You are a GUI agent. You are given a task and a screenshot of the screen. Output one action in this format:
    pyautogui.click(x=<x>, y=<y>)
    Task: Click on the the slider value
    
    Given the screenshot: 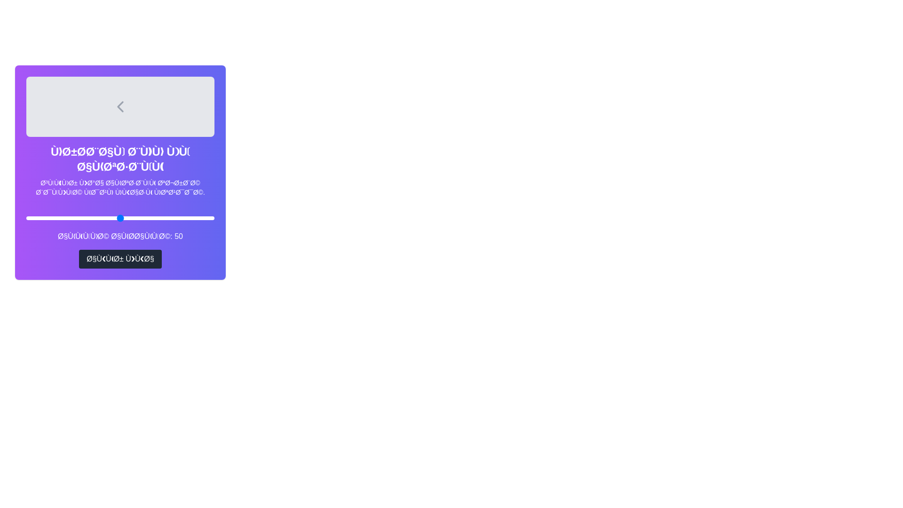 What is the action you would take?
    pyautogui.click(x=90, y=218)
    